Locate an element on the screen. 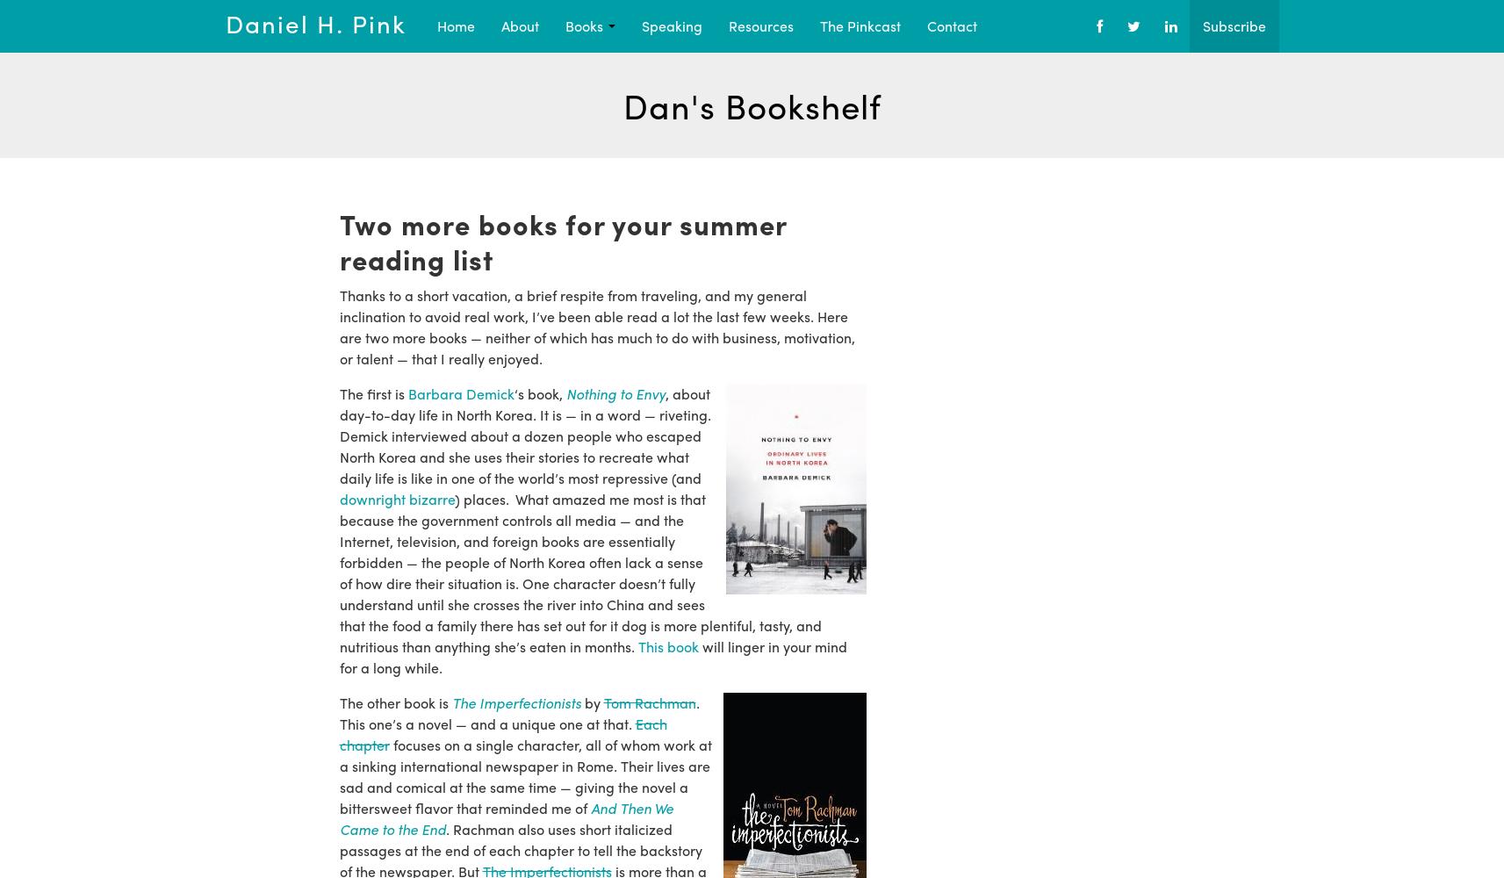 Image resolution: width=1504 pixels, height=878 pixels. 'Apple Books' is located at coordinates (794, 111).